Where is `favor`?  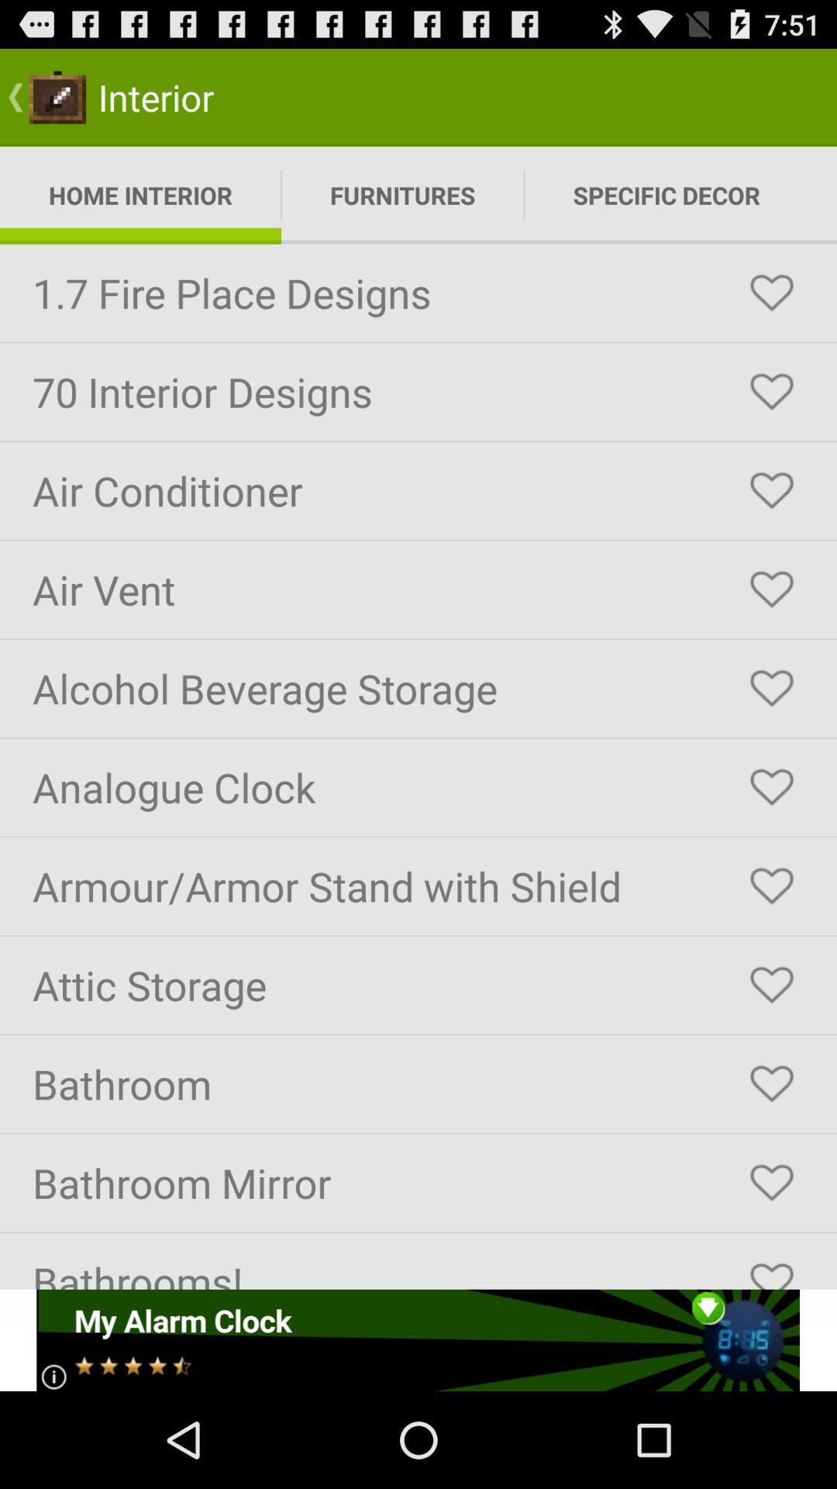 favor is located at coordinates (771, 688).